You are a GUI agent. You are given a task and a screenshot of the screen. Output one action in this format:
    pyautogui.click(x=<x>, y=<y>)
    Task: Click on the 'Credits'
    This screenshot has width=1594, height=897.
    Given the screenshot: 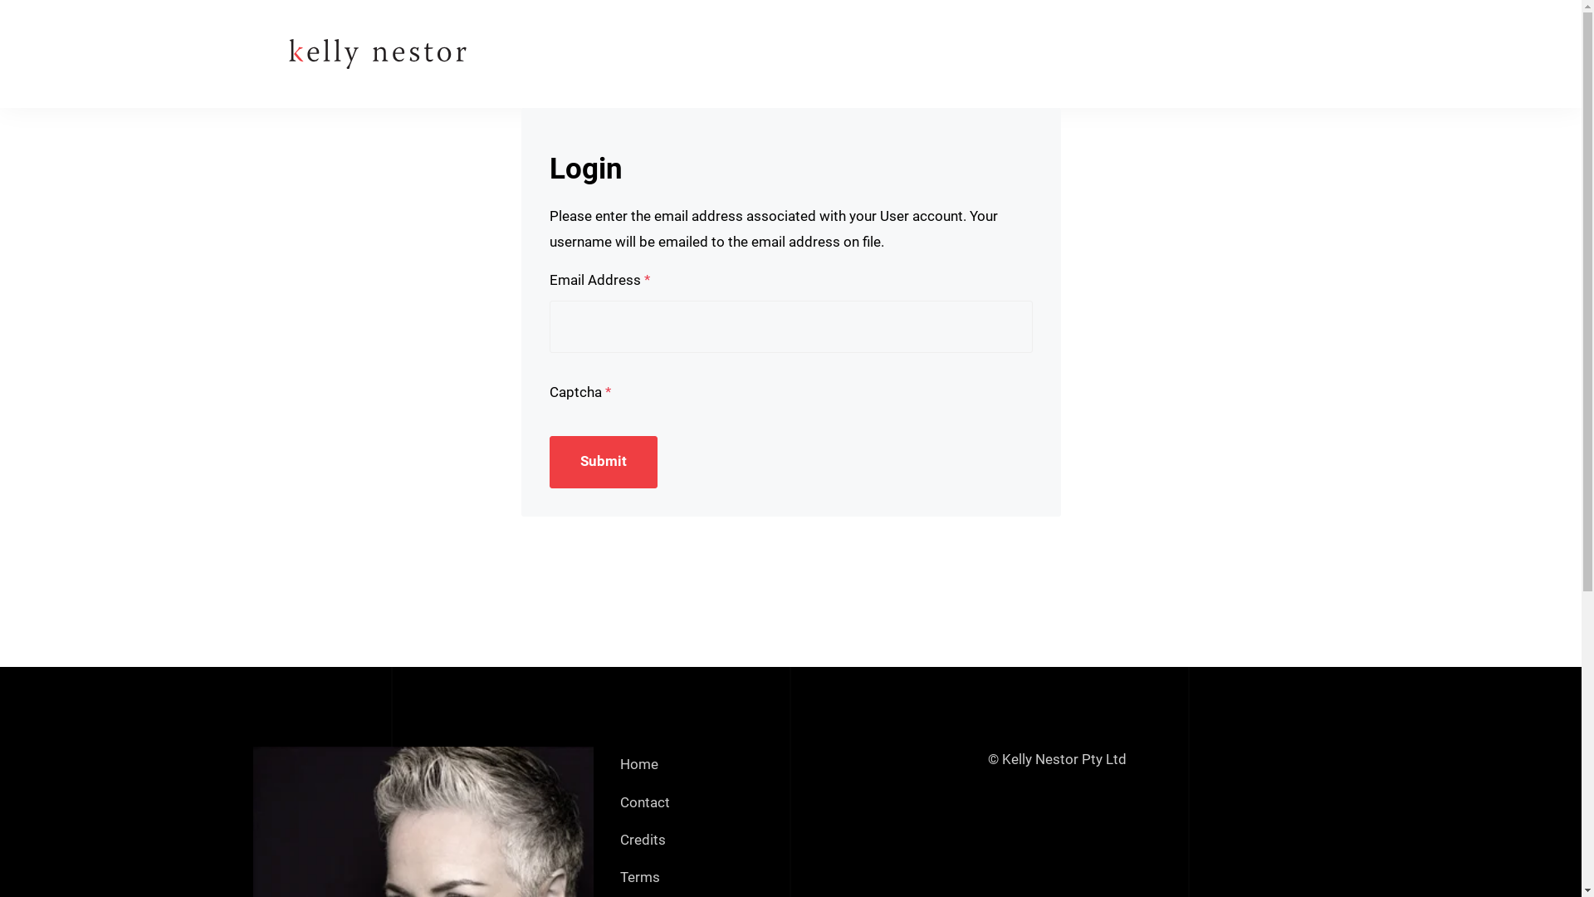 What is the action you would take?
    pyautogui.click(x=642, y=840)
    